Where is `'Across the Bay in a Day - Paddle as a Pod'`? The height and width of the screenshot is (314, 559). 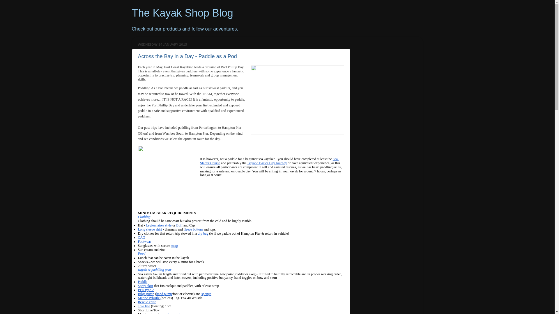
'Across the Bay in a Day - Paddle as a Pod' is located at coordinates (187, 56).